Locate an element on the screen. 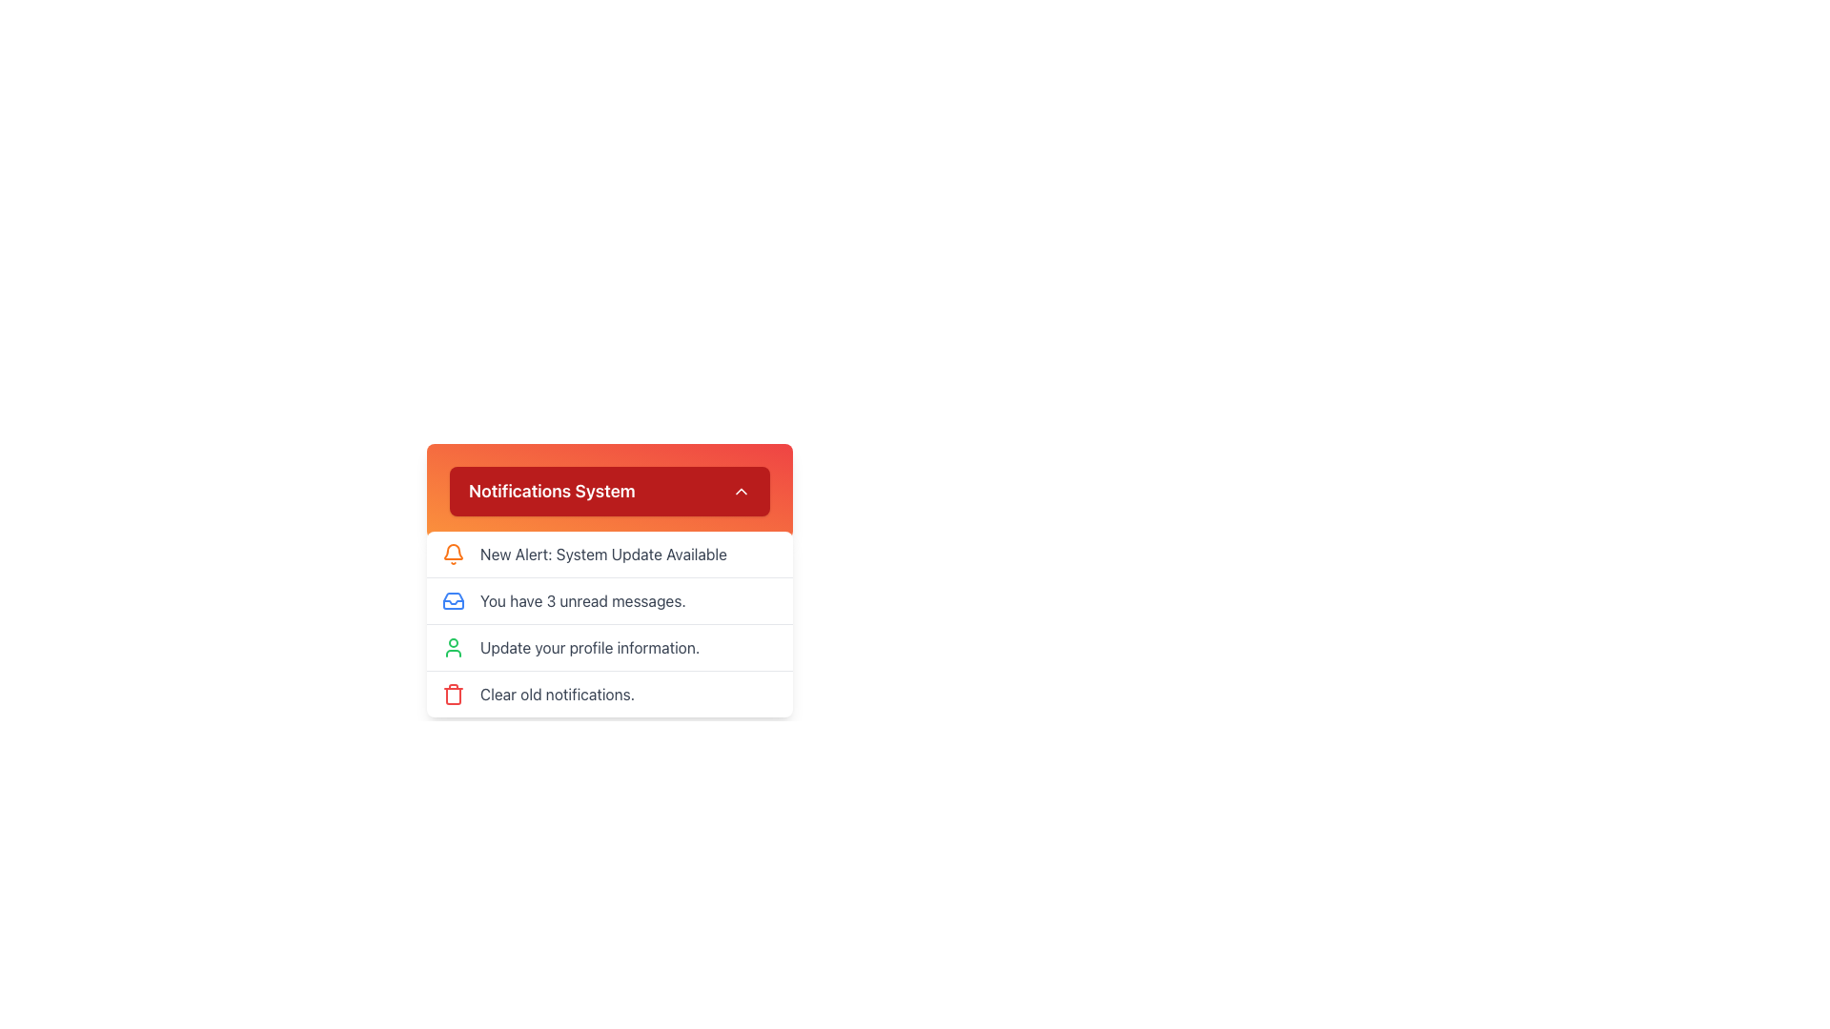  the rectangular list item containing a red trash icon and the text 'Clear old notifications.' to potentially clear old notifications is located at coordinates (608, 694).